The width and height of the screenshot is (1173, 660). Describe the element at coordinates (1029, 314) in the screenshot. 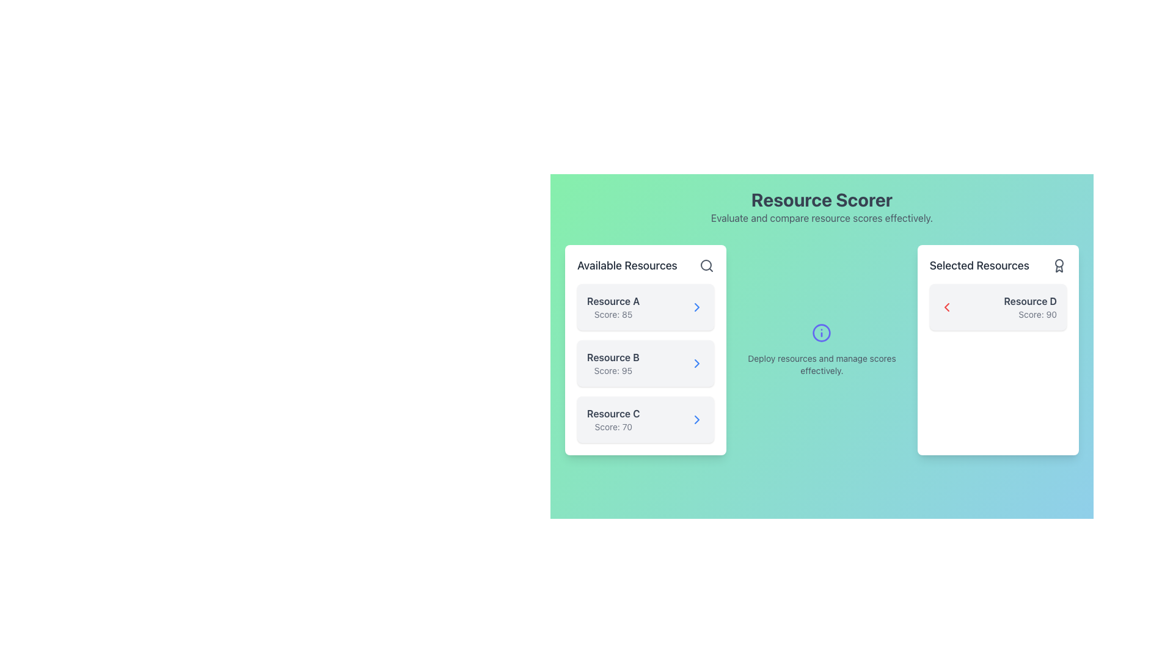

I see `text label displaying 'Score: 90' which is styled in a small gray font and aligned to the right within the 'Selected Resources' section under the title 'Resource D'` at that location.